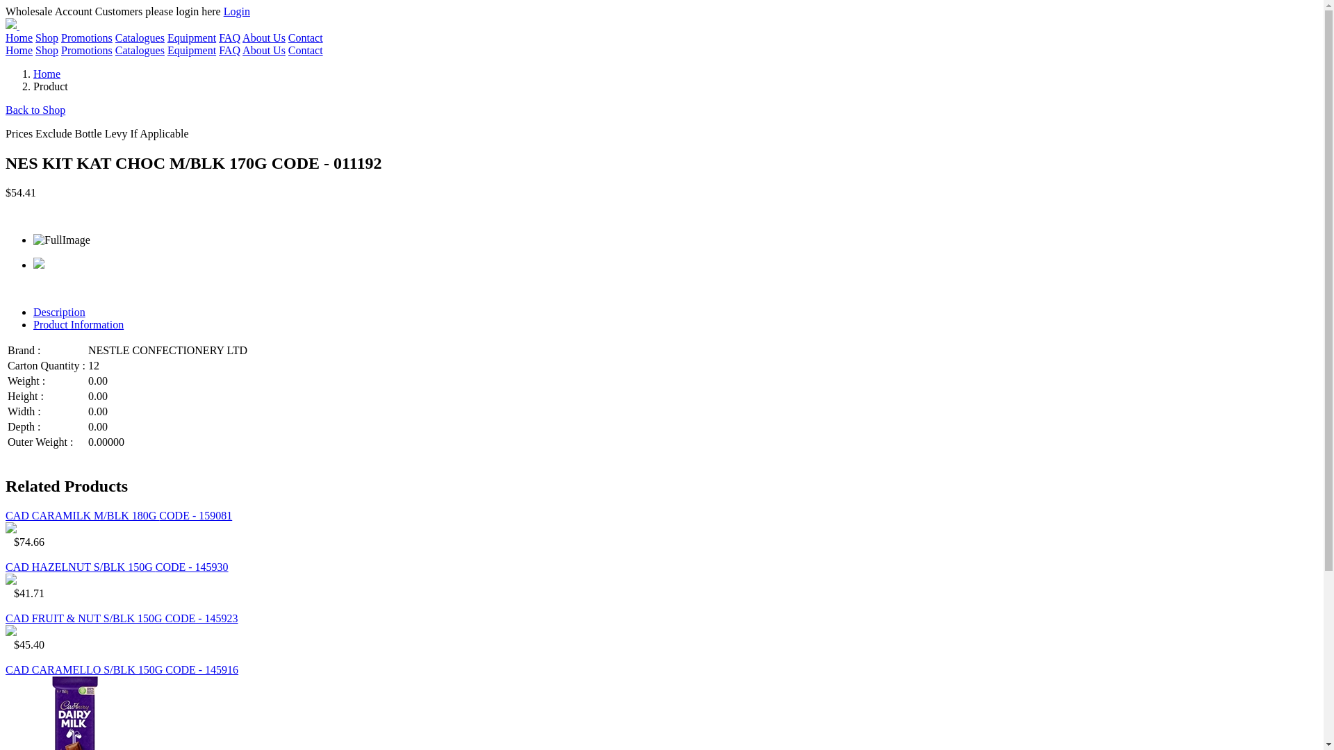 The width and height of the screenshot is (1334, 750). What do you see at coordinates (85, 49) in the screenshot?
I see `'Promotions'` at bounding box center [85, 49].